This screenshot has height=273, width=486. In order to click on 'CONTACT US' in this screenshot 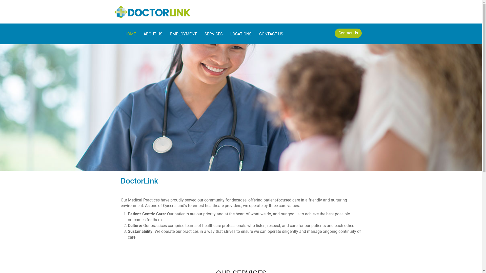, I will do `click(271, 34)`.